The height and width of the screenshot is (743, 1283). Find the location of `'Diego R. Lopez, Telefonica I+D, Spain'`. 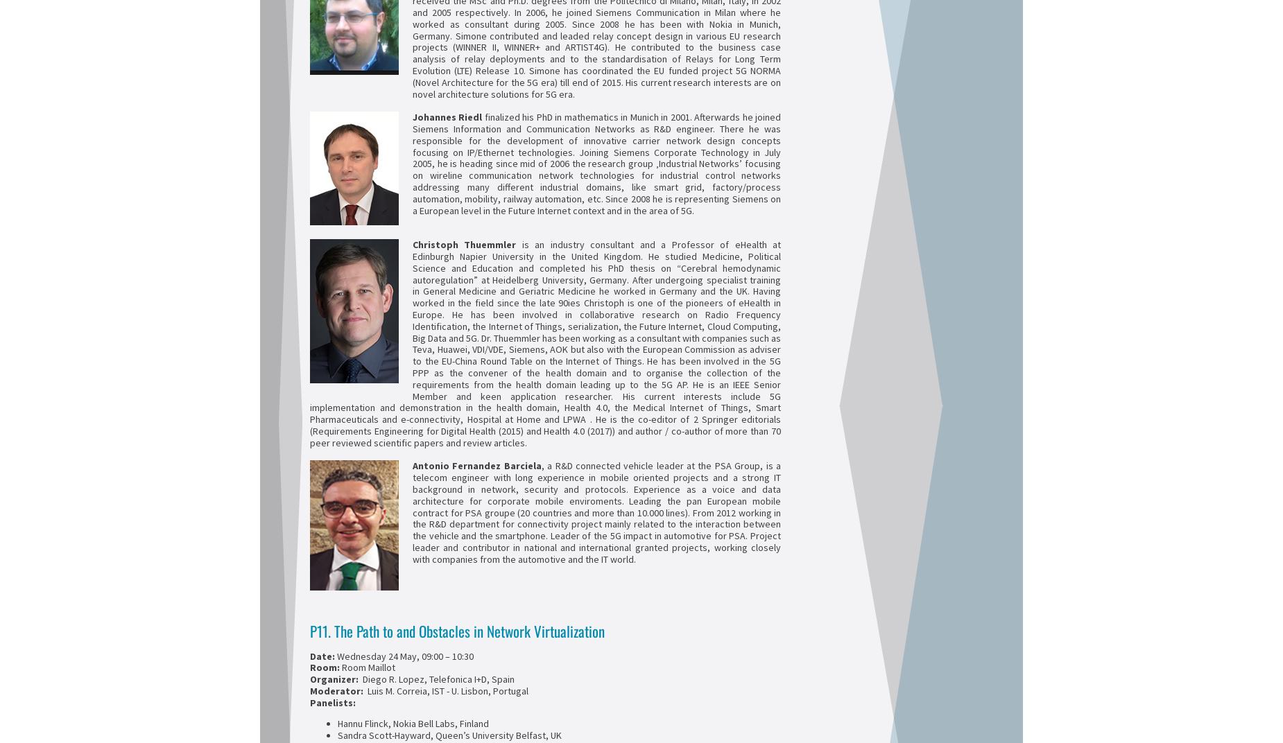

'Diego R. Lopez, Telefonica I+D, Spain' is located at coordinates (359, 679).